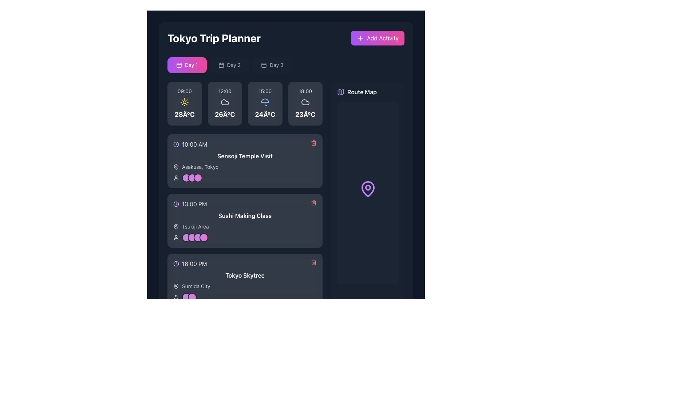  What do you see at coordinates (176, 226) in the screenshot?
I see `the icon located to the left of the 'Tsukiji Area' text in the second card of the schedule section under 'Sushi Making Class'` at bounding box center [176, 226].